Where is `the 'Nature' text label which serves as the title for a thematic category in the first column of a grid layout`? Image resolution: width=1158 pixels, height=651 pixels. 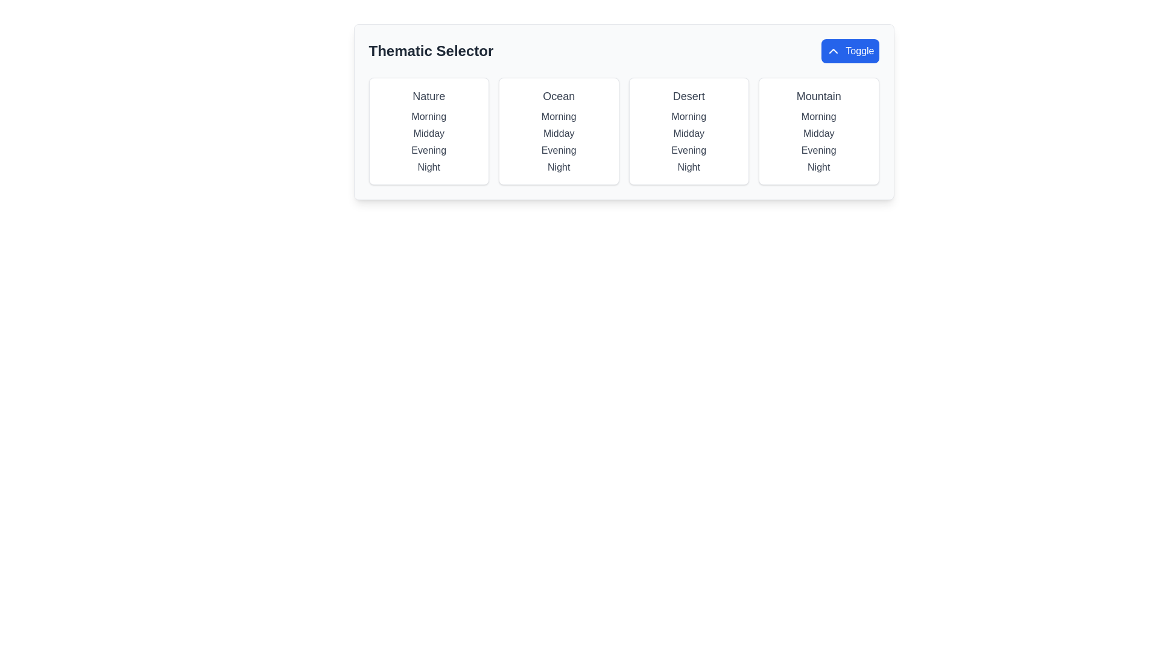
the 'Nature' text label which serves as the title for a thematic category in the first column of a grid layout is located at coordinates (429, 95).